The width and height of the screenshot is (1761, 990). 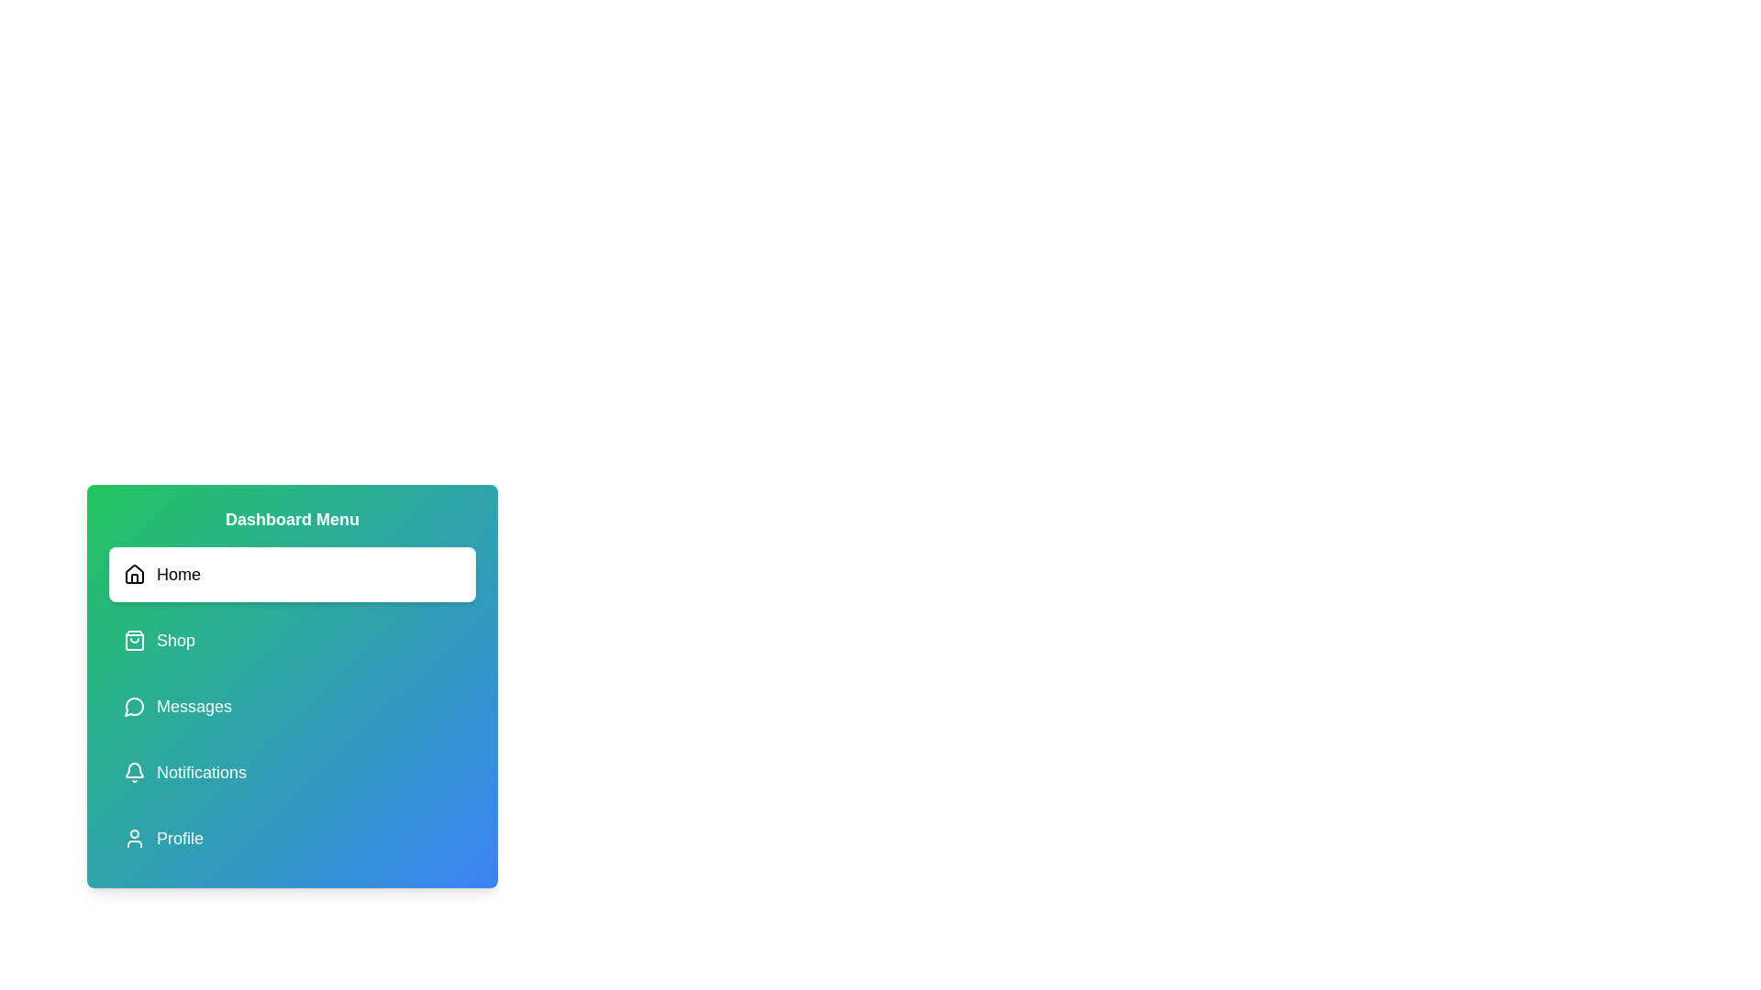 I want to click on the menu item corresponding to Profile to view its icon, so click(x=291, y=838).